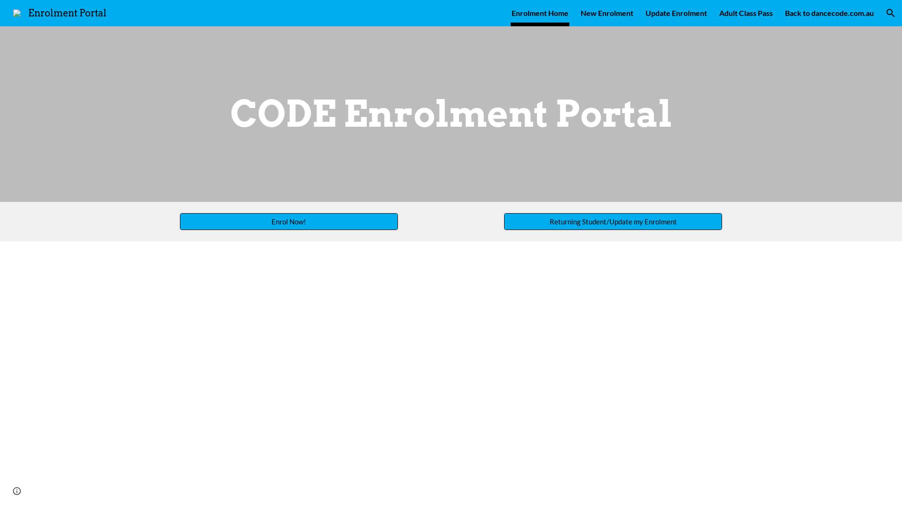 This screenshot has width=902, height=507. Describe the element at coordinates (613, 221) in the screenshot. I see `'Returning Student/Update my Enrolment'` at that location.